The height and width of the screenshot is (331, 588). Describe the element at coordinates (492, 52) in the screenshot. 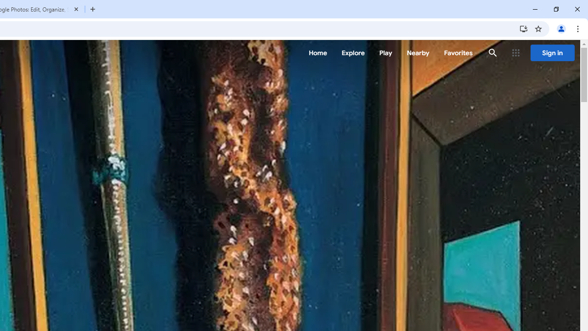

I see `'Search'` at that location.